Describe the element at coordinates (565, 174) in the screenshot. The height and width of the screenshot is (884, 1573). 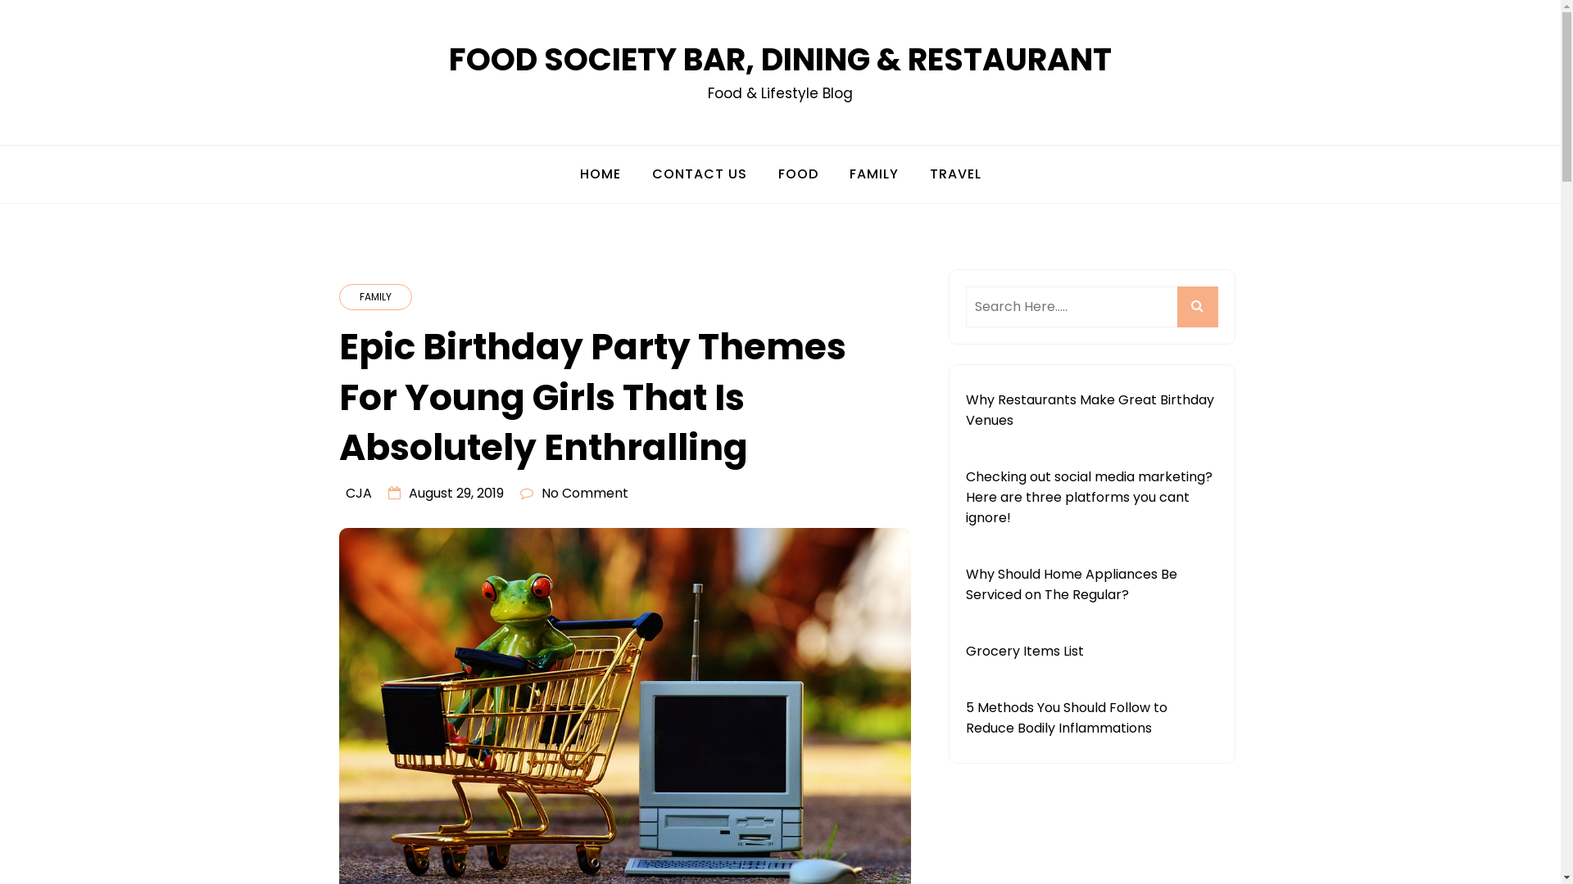
I see `'HOME'` at that location.